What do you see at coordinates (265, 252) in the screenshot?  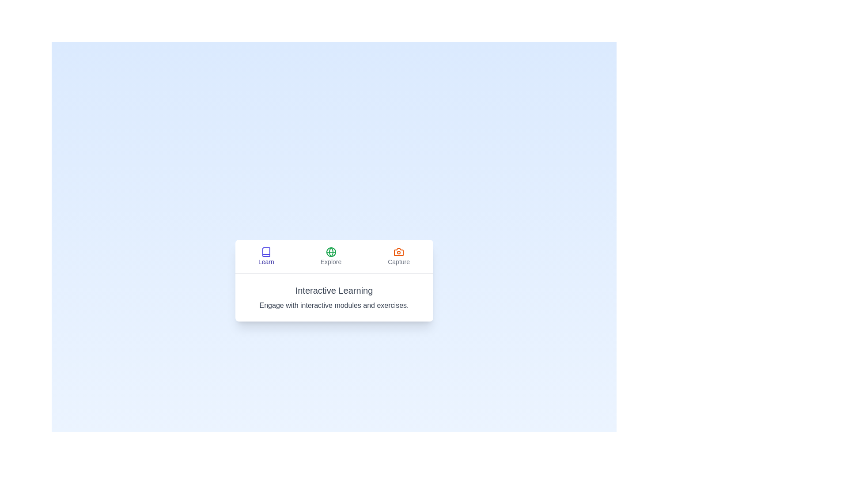 I see `the icon for the Learn tab` at bounding box center [265, 252].